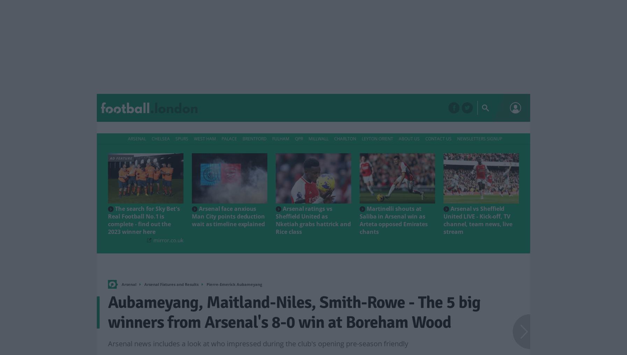 Image resolution: width=627 pixels, height=355 pixels. What do you see at coordinates (171, 284) in the screenshot?
I see `'Arsenal Fixtures and Results'` at bounding box center [171, 284].